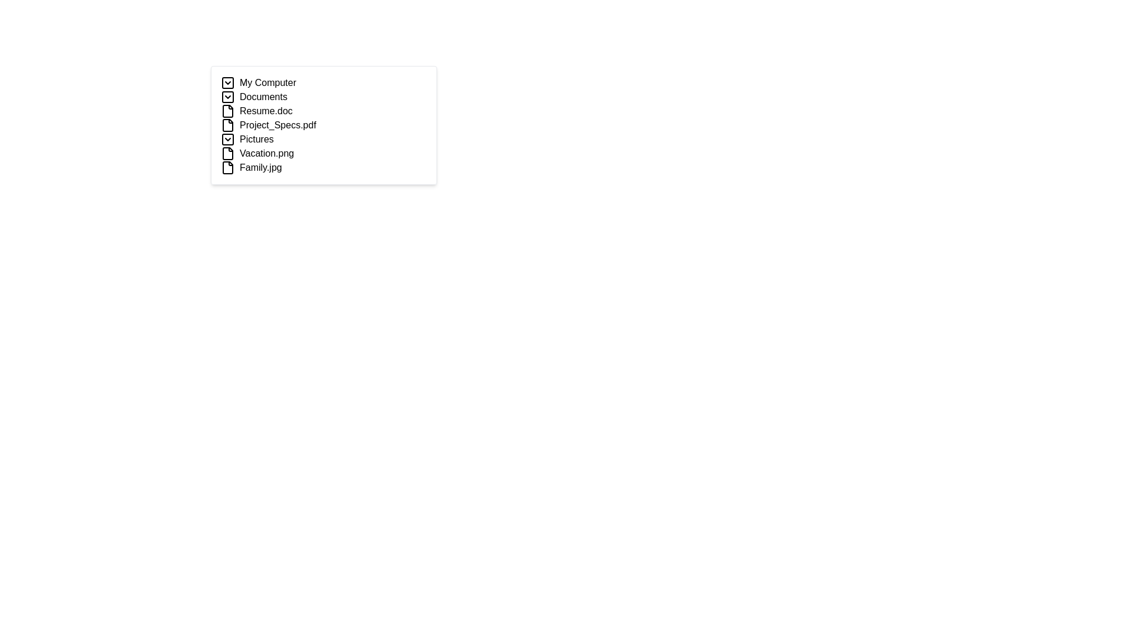 Image resolution: width=1131 pixels, height=636 pixels. What do you see at coordinates (228, 82) in the screenshot?
I see `the graphical boundary box that serves as a hitbox for the chevron arrow in the 'My Computer' section of the hierarchical file structure` at bounding box center [228, 82].